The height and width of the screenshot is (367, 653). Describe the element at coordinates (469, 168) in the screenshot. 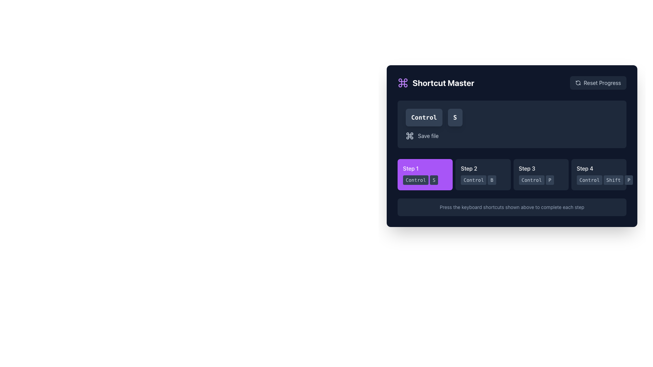

I see `the label indicating step 2 in the sequence of actions, which is centrally aligned and positioned between step 1 and step 3` at that location.